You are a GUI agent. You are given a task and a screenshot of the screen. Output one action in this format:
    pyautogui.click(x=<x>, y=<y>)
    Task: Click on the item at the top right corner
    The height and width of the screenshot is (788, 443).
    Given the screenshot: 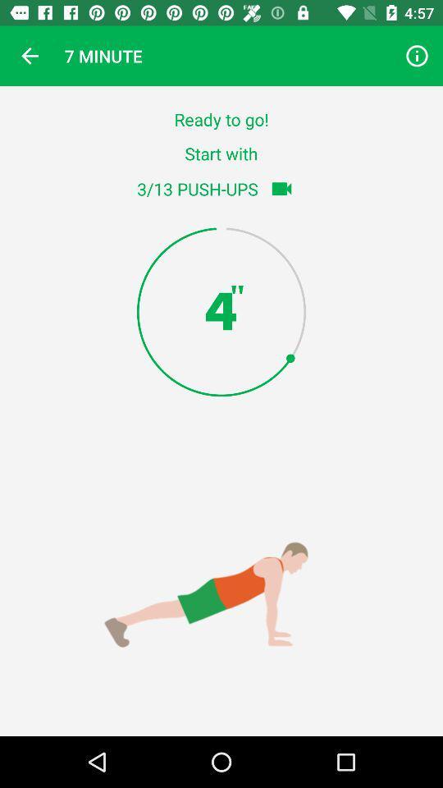 What is the action you would take?
    pyautogui.click(x=417, y=56)
    